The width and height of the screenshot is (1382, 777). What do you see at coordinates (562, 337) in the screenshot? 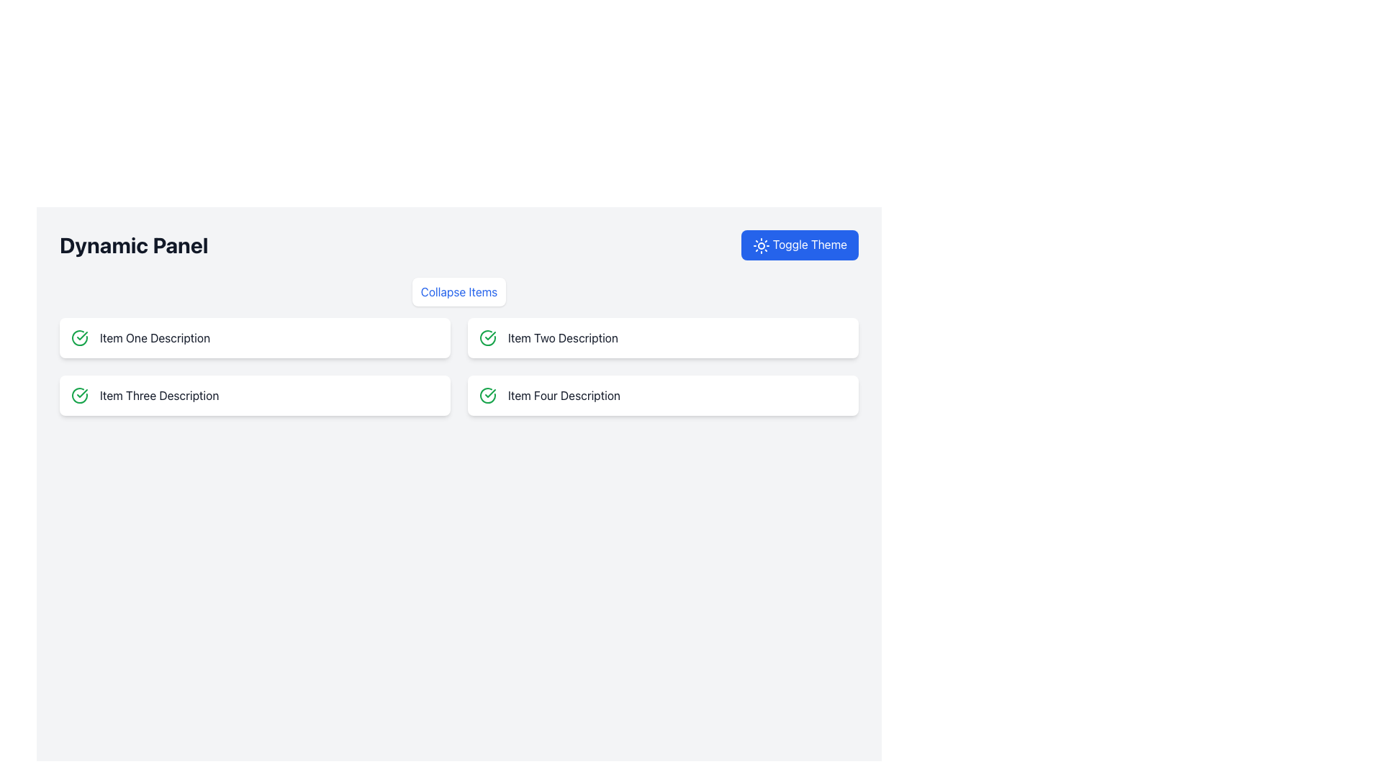
I see `the static text label that provides descriptive information for the second item in the list, located to the right of the checkmark icon in the second row` at bounding box center [562, 337].